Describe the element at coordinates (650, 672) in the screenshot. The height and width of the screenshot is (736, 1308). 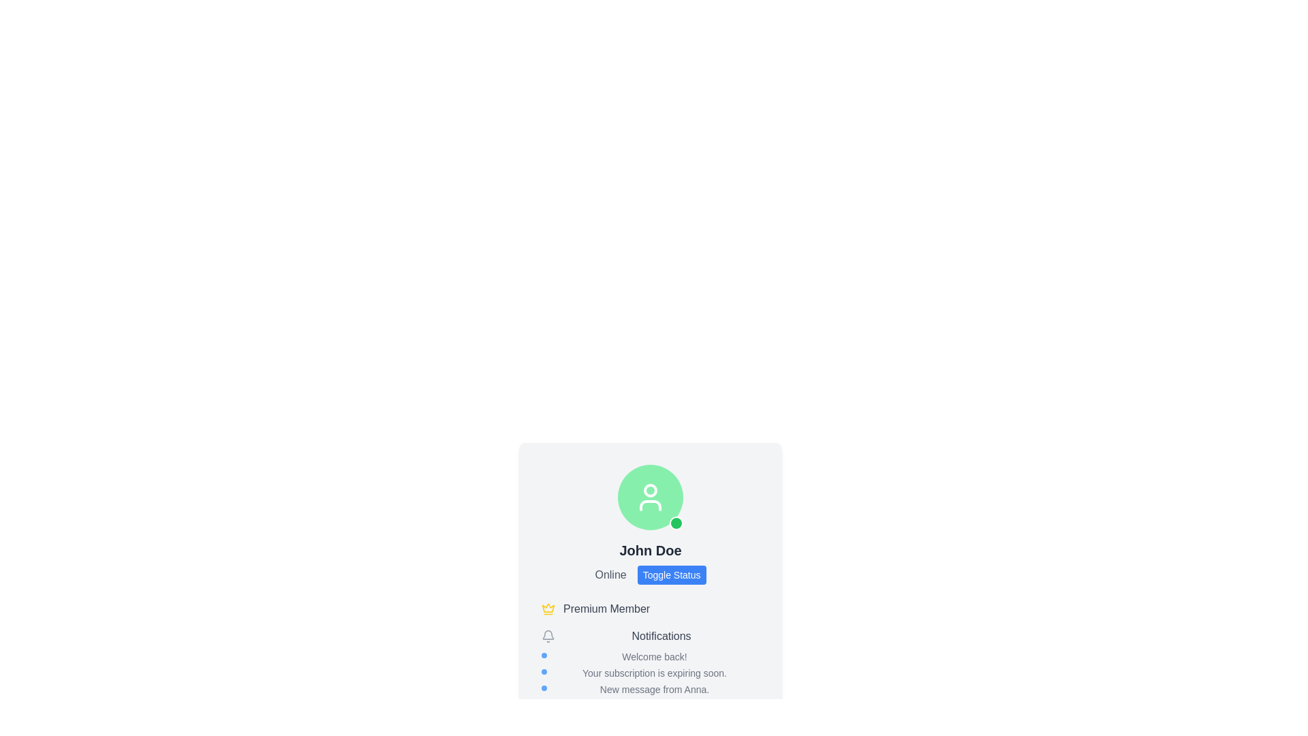
I see `the Text block with notification indicators located in the Notifications section below the Premium Member label` at that location.